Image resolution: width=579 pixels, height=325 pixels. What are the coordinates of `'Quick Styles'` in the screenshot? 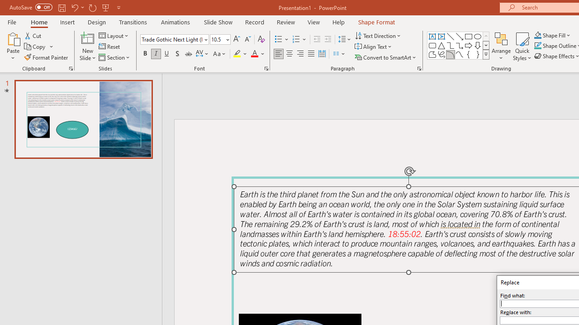 It's located at (522, 46).